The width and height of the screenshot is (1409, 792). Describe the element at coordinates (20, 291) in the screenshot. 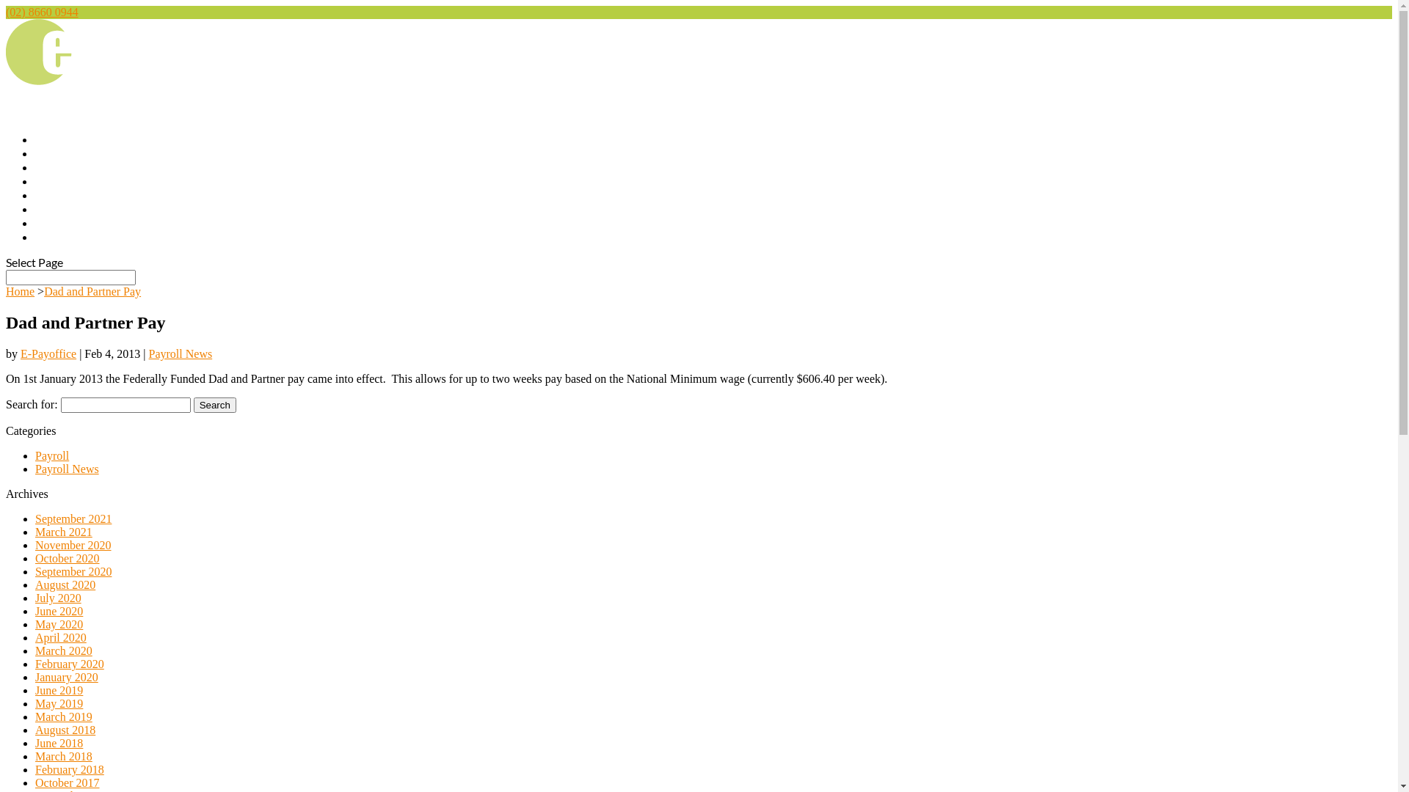

I see `'Home'` at that location.